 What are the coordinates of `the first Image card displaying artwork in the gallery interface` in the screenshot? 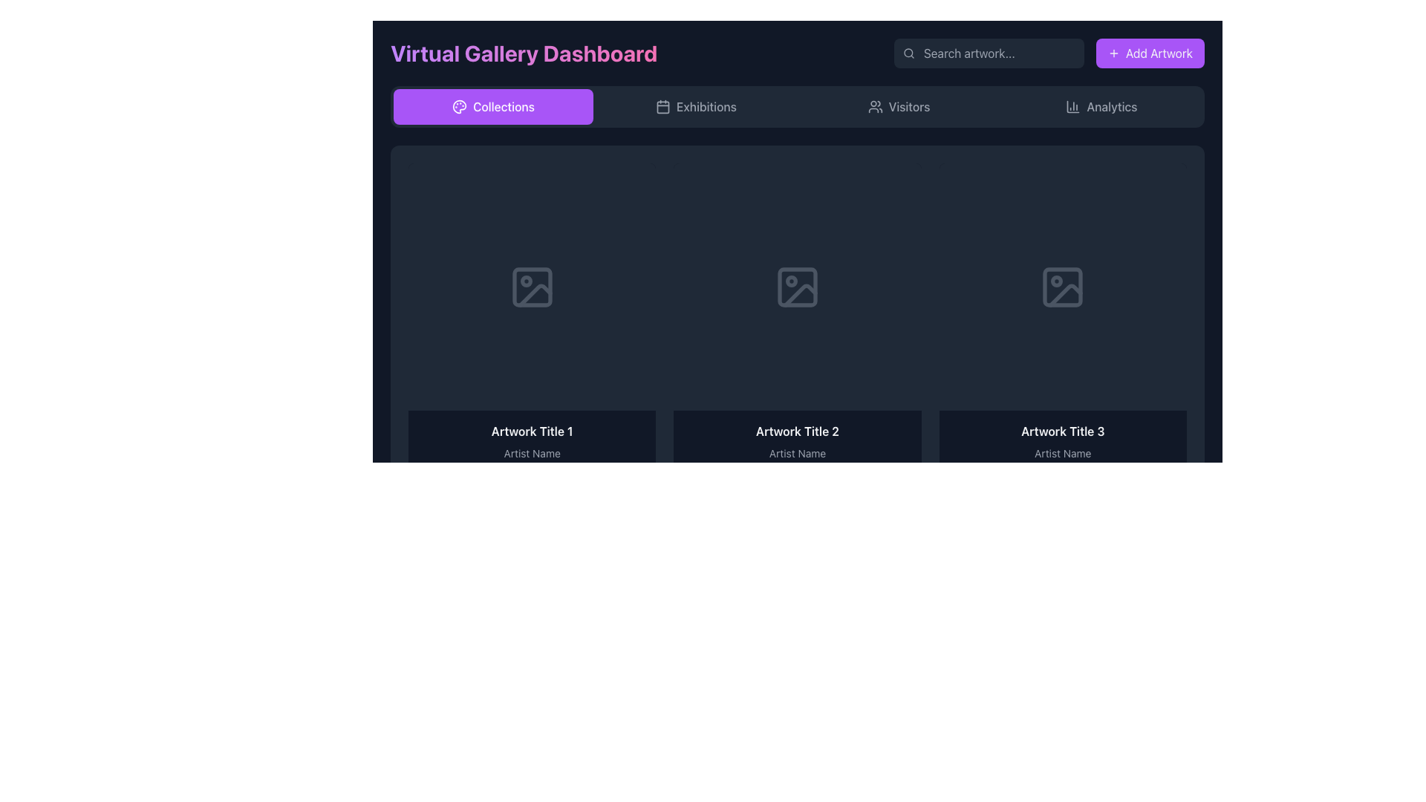 It's located at (532, 327).